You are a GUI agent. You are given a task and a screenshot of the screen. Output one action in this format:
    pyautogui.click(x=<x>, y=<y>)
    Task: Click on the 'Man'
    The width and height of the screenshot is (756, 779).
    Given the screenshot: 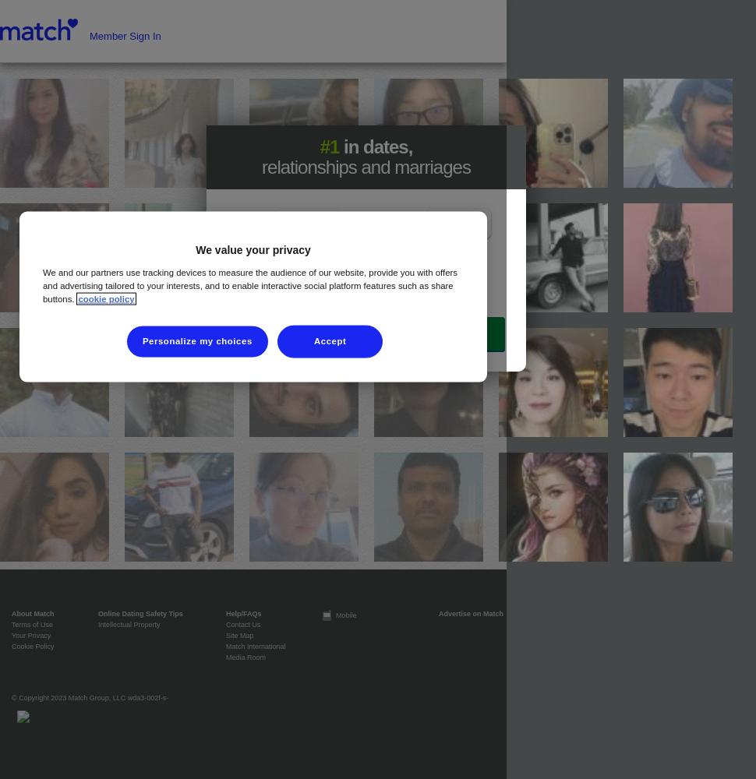 What is the action you would take?
    pyautogui.click(x=443, y=224)
    